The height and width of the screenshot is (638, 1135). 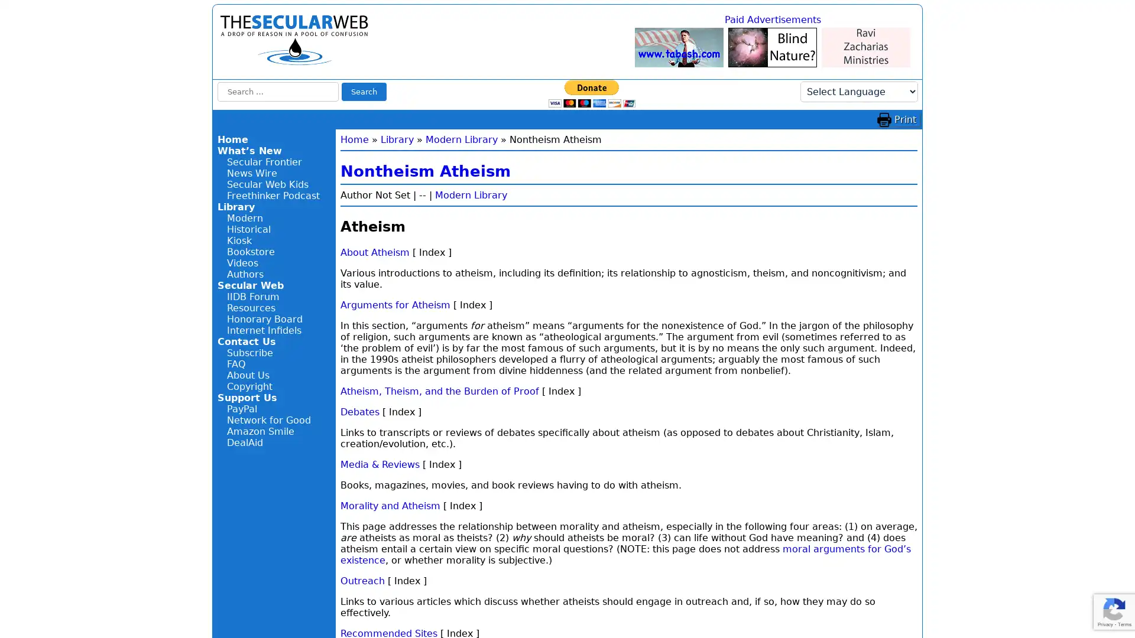 I want to click on Donate with PayPal button, so click(x=592, y=93).